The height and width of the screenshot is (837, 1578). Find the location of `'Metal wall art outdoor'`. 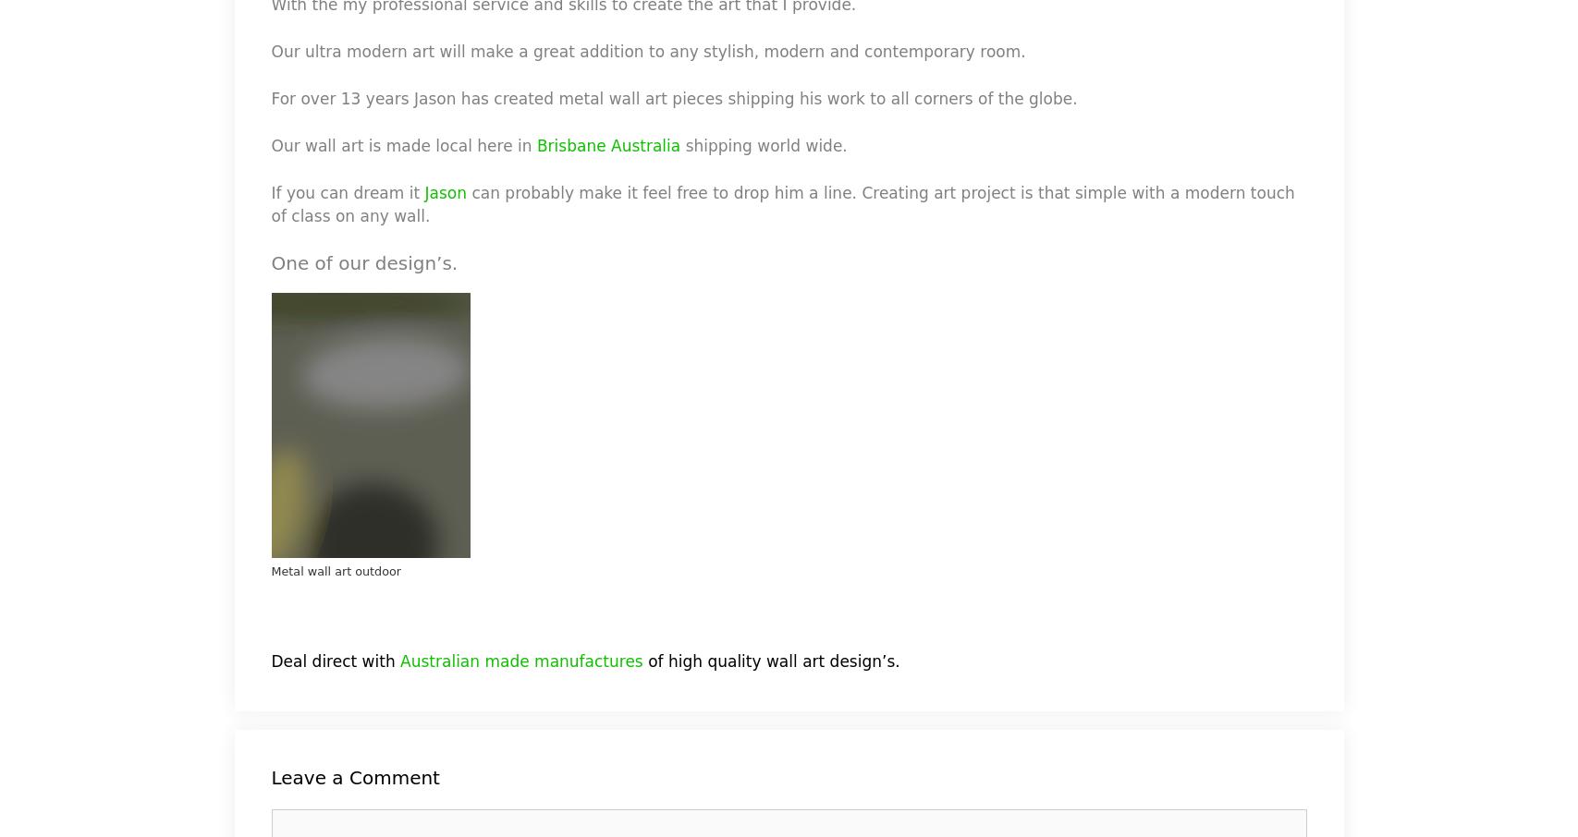

'Metal wall art outdoor' is located at coordinates (336, 570).